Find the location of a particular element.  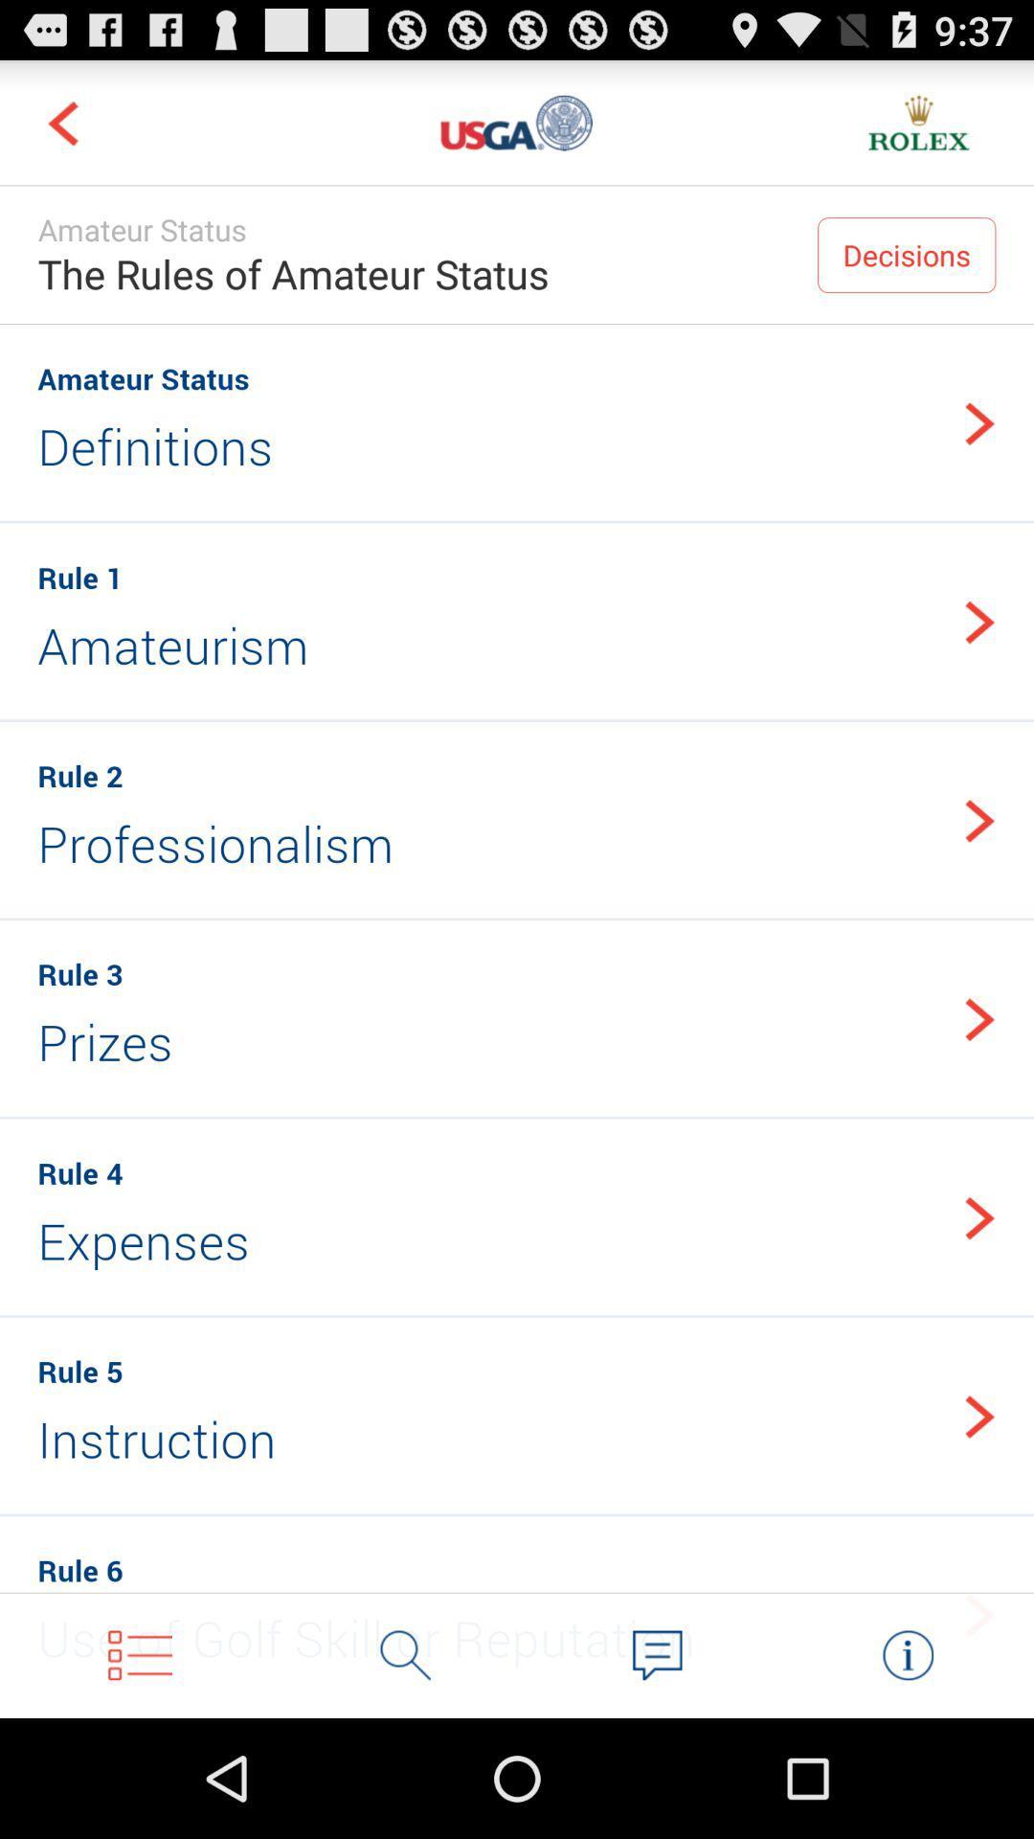

the search icon is located at coordinates (405, 1770).